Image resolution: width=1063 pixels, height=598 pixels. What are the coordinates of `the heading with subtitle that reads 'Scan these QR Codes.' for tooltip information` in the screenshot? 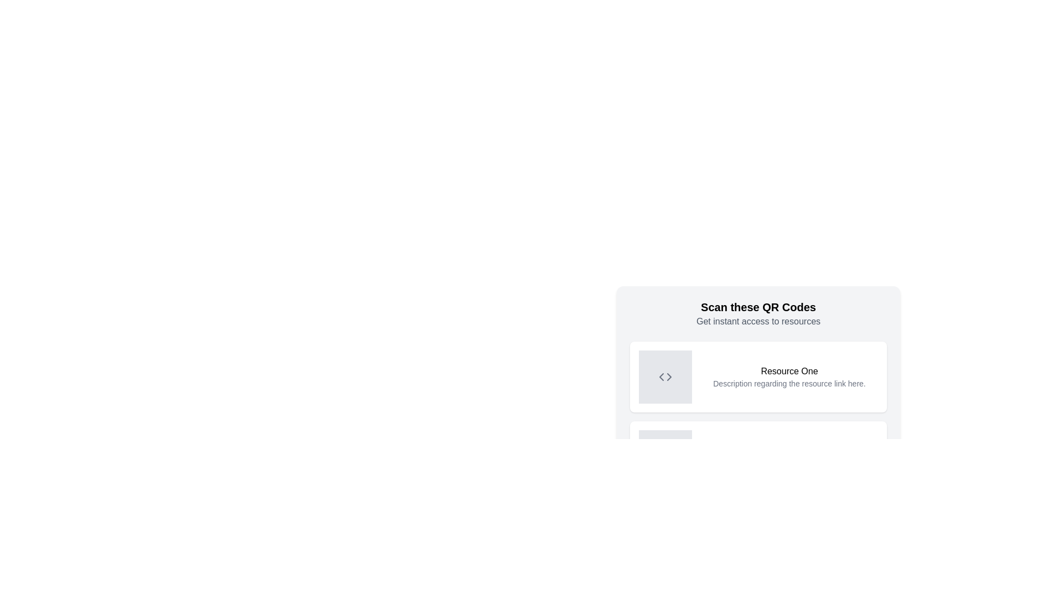 It's located at (757, 314).